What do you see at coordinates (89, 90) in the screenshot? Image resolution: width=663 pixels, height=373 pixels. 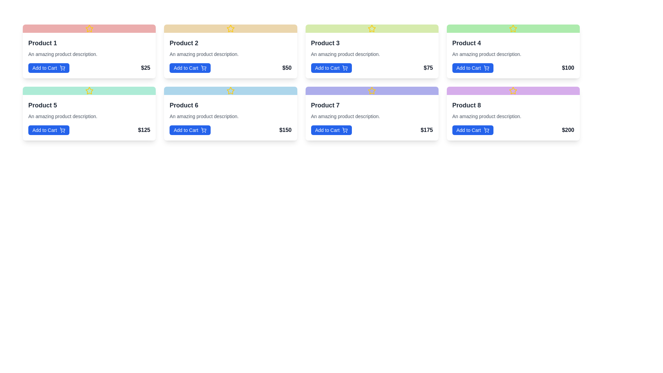 I see `the yellow outlined star icon located at the top of the Product 5 card in the product grid` at bounding box center [89, 90].